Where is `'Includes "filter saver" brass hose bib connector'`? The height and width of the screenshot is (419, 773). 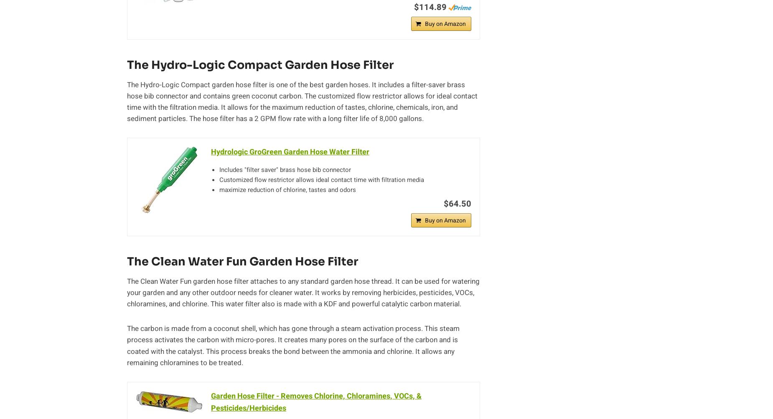
'Includes "filter saver" brass hose bib connector' is located at coordinates (285, 169).